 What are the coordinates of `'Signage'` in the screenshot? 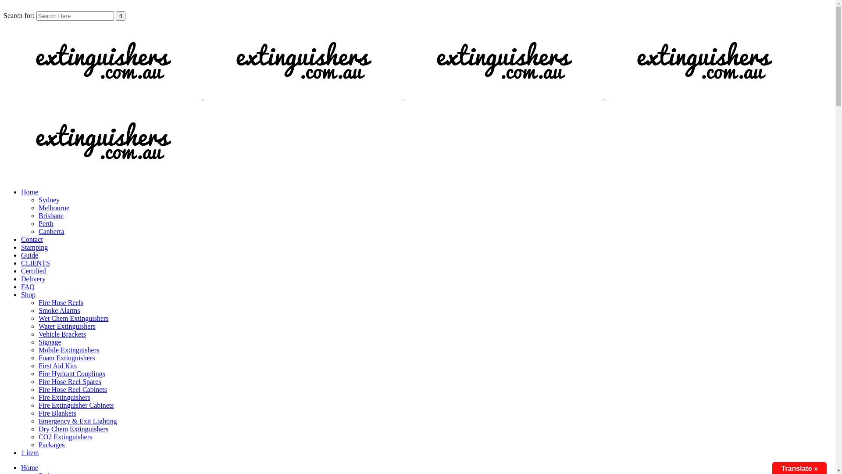 It's located at (50, 341).